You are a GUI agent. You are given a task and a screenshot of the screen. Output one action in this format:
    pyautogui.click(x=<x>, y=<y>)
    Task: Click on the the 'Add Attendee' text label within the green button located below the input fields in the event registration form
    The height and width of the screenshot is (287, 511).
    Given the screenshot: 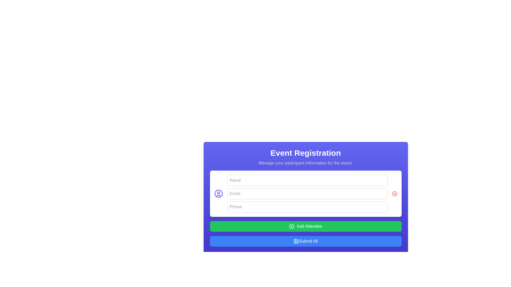 What is the action you would take?
    pyautogui.click(x=309, y=226)
    